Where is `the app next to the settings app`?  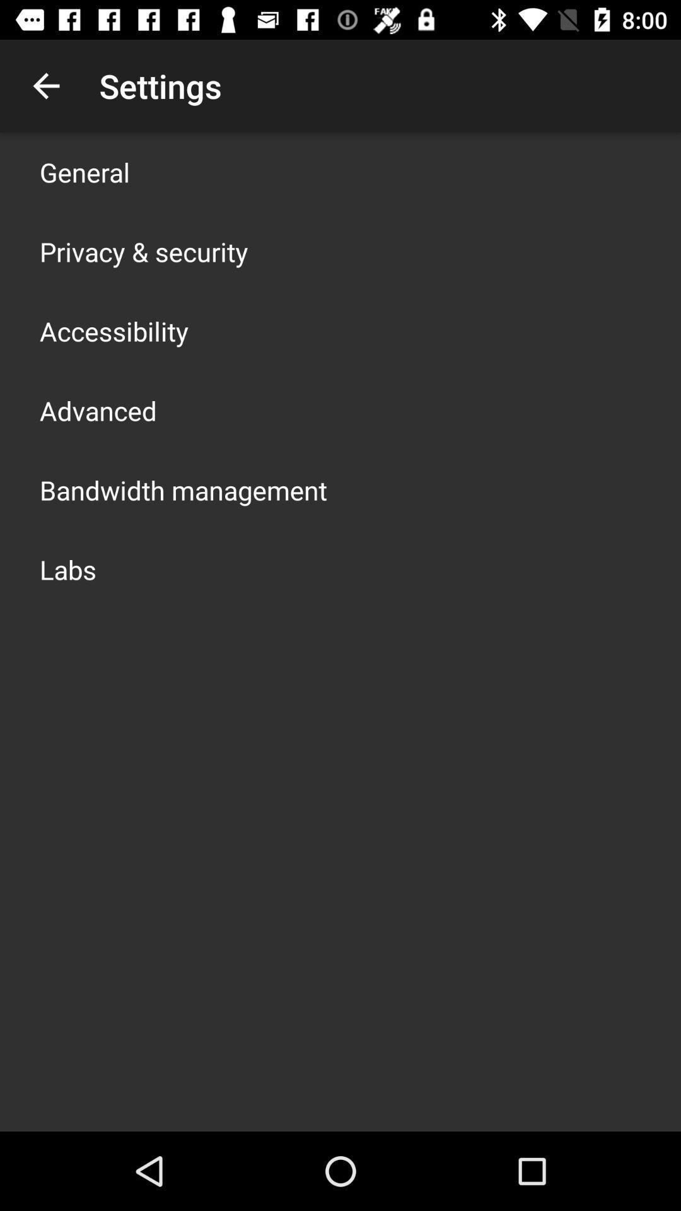
the app next to the settings app is located at coordinates (45, 85).